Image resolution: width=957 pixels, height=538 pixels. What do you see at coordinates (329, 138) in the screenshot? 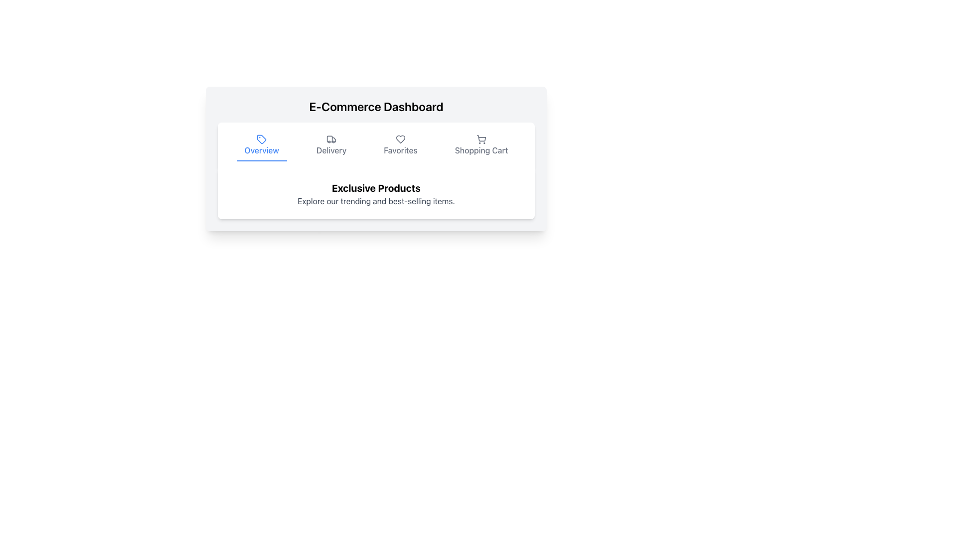
I see `the delivery icon button, which resembles a truck and is located adjacent to the 'Overview' and 'Favorites' icons in the navigation area` at bounding box center [329, 138].